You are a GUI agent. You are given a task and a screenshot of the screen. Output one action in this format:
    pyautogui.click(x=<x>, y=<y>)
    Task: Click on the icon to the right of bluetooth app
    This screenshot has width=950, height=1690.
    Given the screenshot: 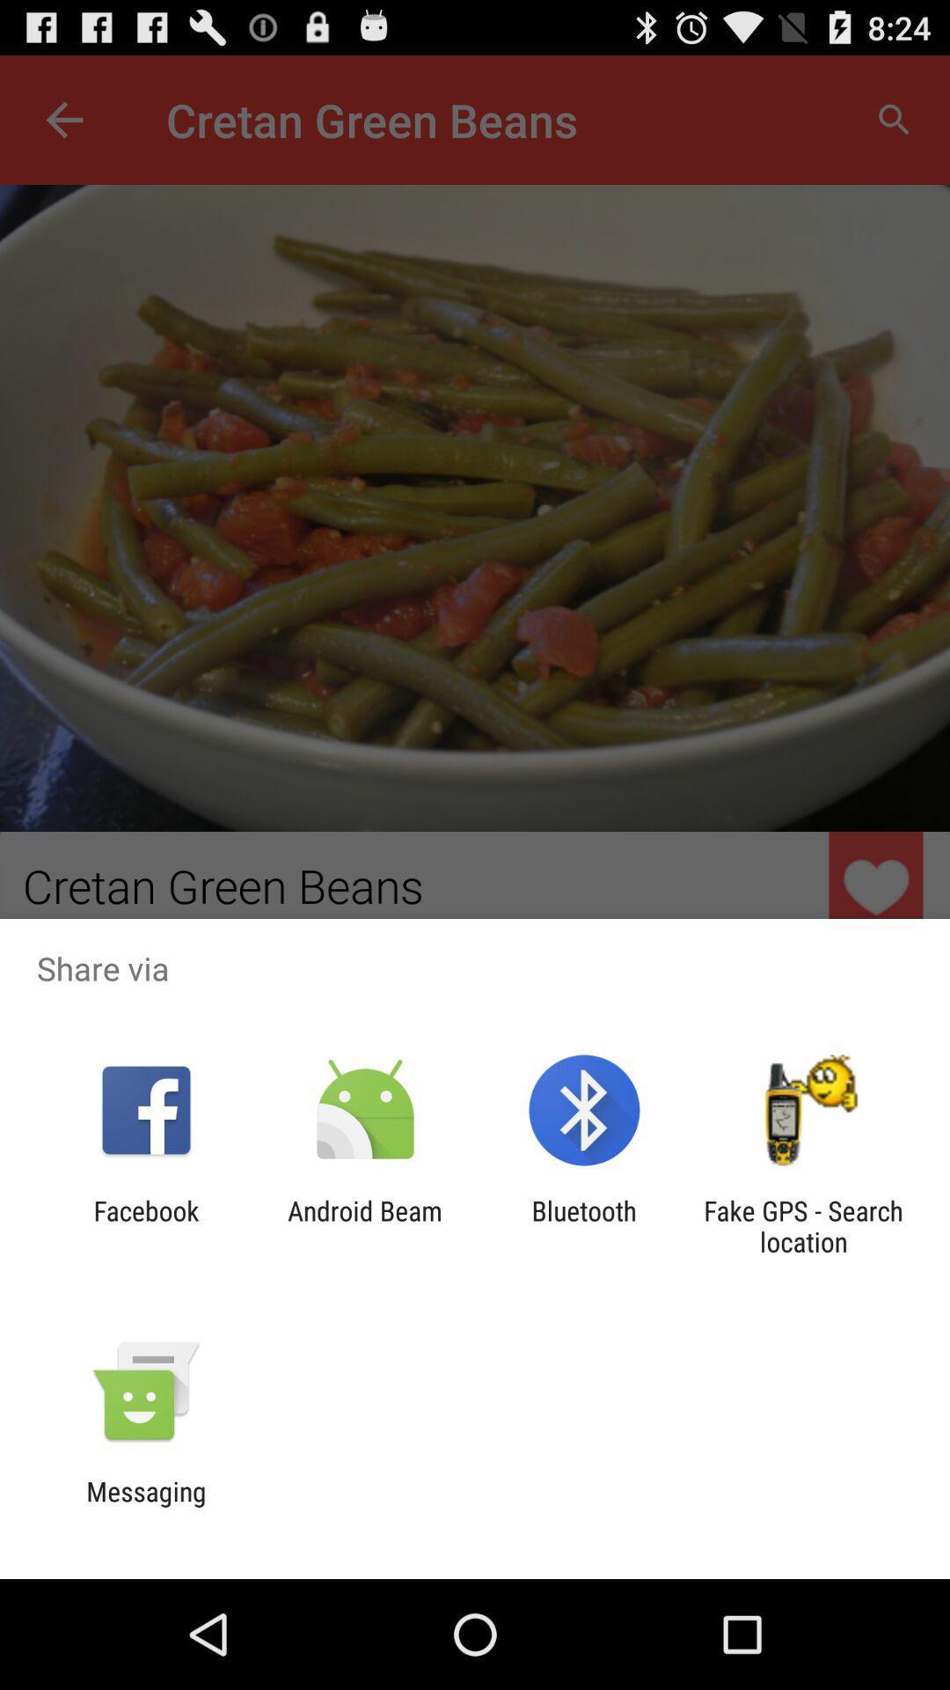 What is the action you would take?
    pyautogui.click(x=803, y=1225)
    